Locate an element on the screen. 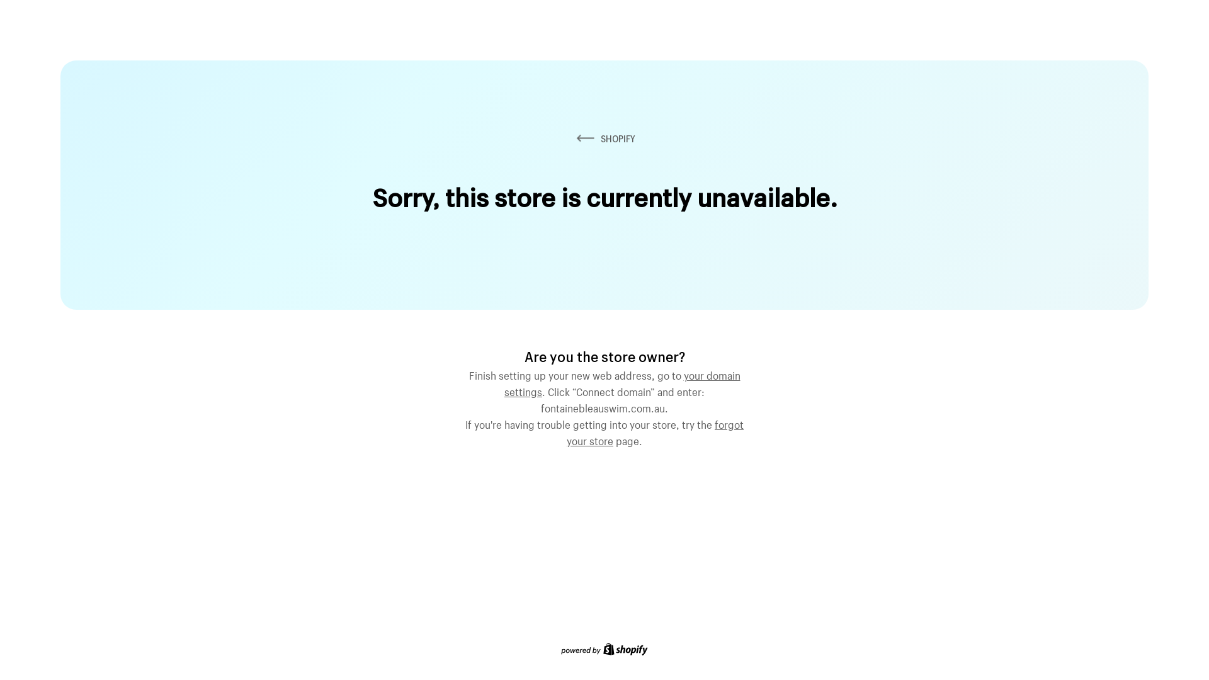 Image resolution: width=1209 pixels, height=680 pixels. 'SHOPIFY' is located at coordinates (573, 139).